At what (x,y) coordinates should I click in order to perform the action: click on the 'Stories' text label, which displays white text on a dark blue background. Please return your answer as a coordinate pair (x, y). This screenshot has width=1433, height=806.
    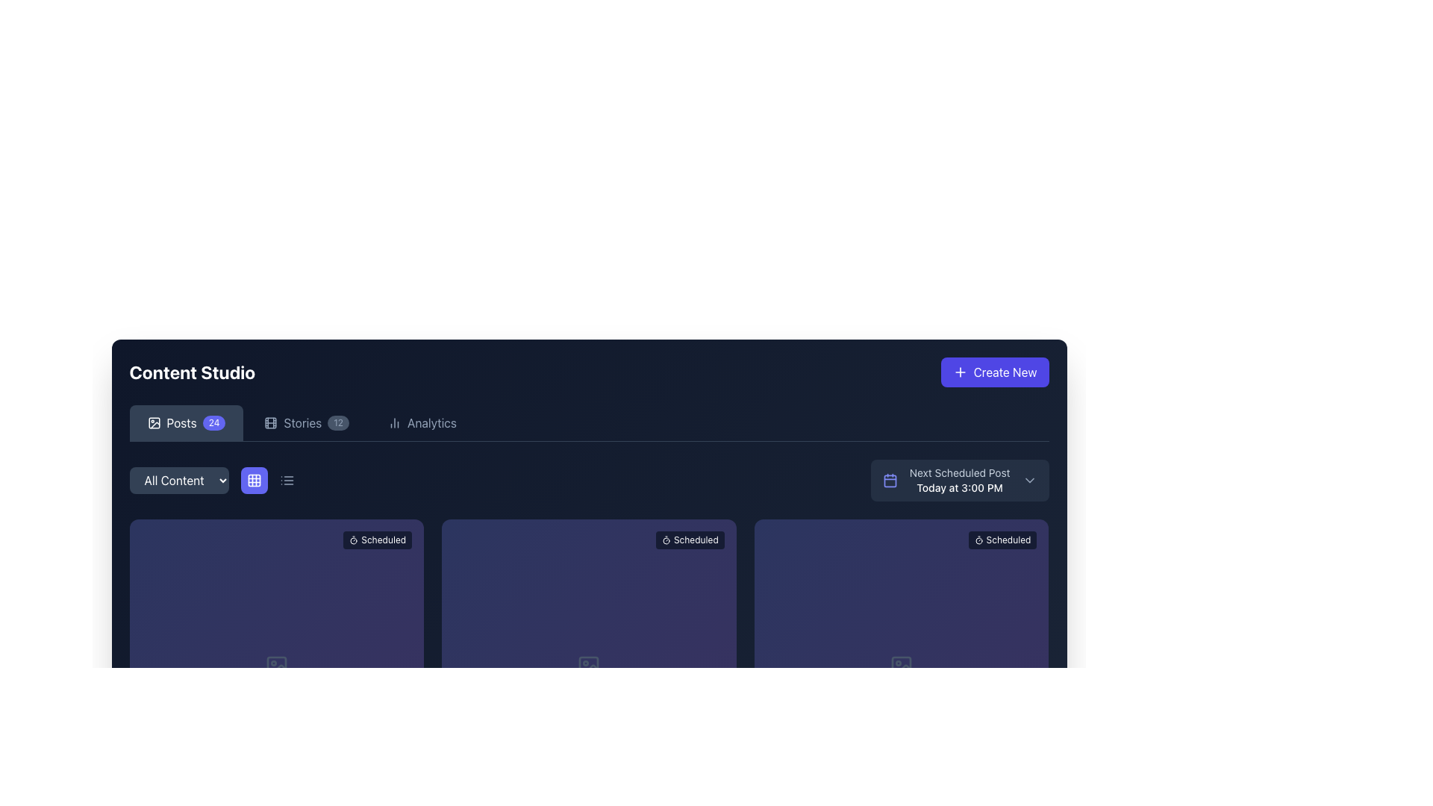
    Looking at the image, I should click on (302, 423).